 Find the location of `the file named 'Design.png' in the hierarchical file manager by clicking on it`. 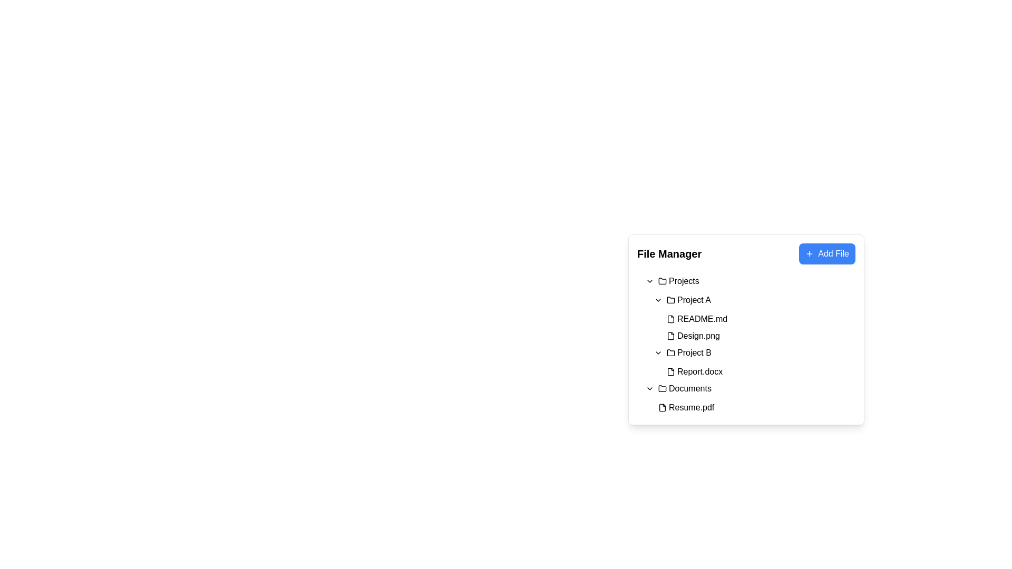

the file named 'Design.png' in the hierarchical file manager by clicking on it is located at coordinates (693, 336).